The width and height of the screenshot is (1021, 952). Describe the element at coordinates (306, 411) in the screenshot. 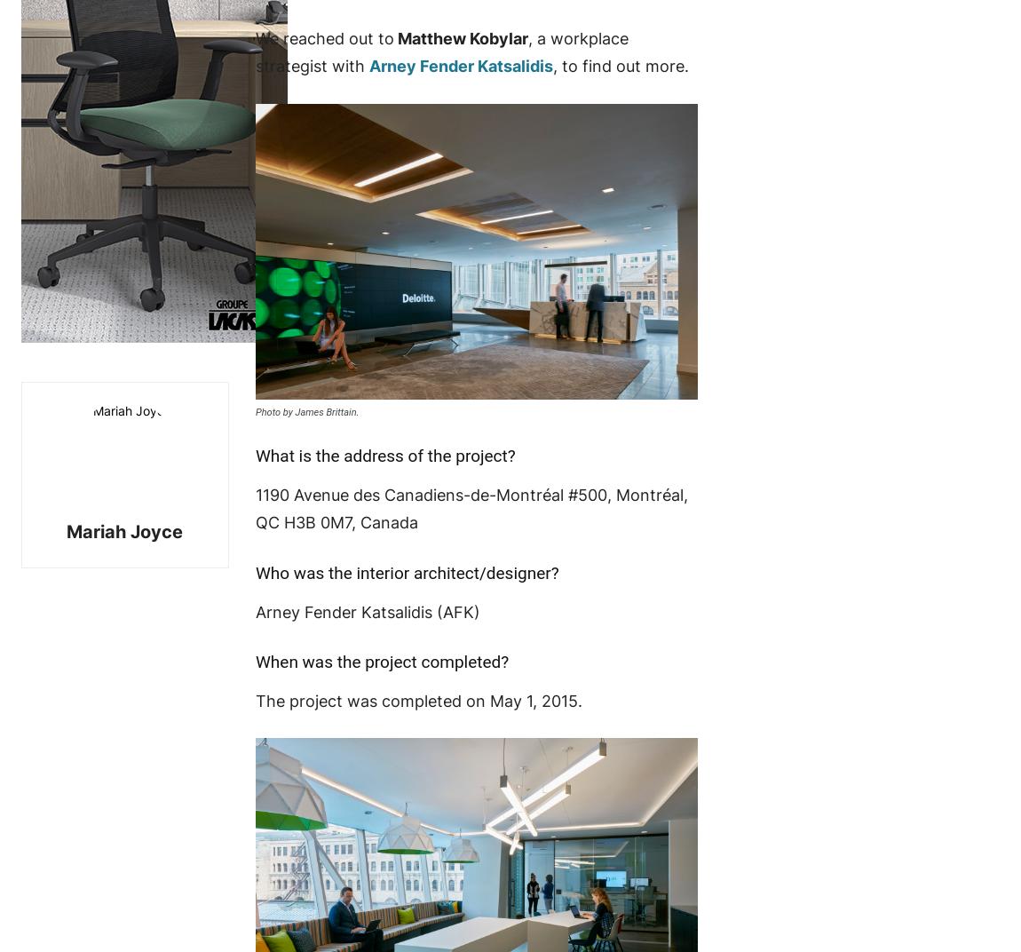

I see `'Photo by James Brittain.'` at that location.